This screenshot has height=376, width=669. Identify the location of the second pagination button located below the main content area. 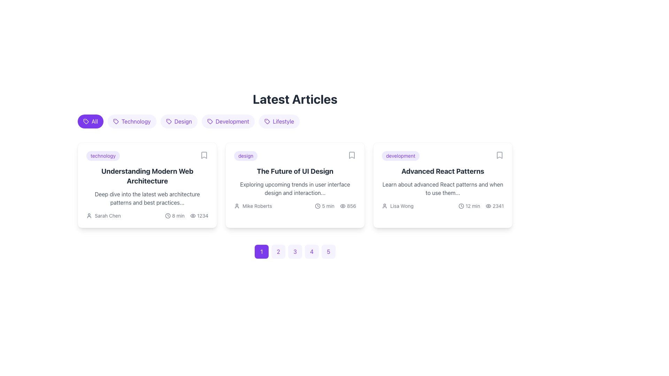
(278, 251).